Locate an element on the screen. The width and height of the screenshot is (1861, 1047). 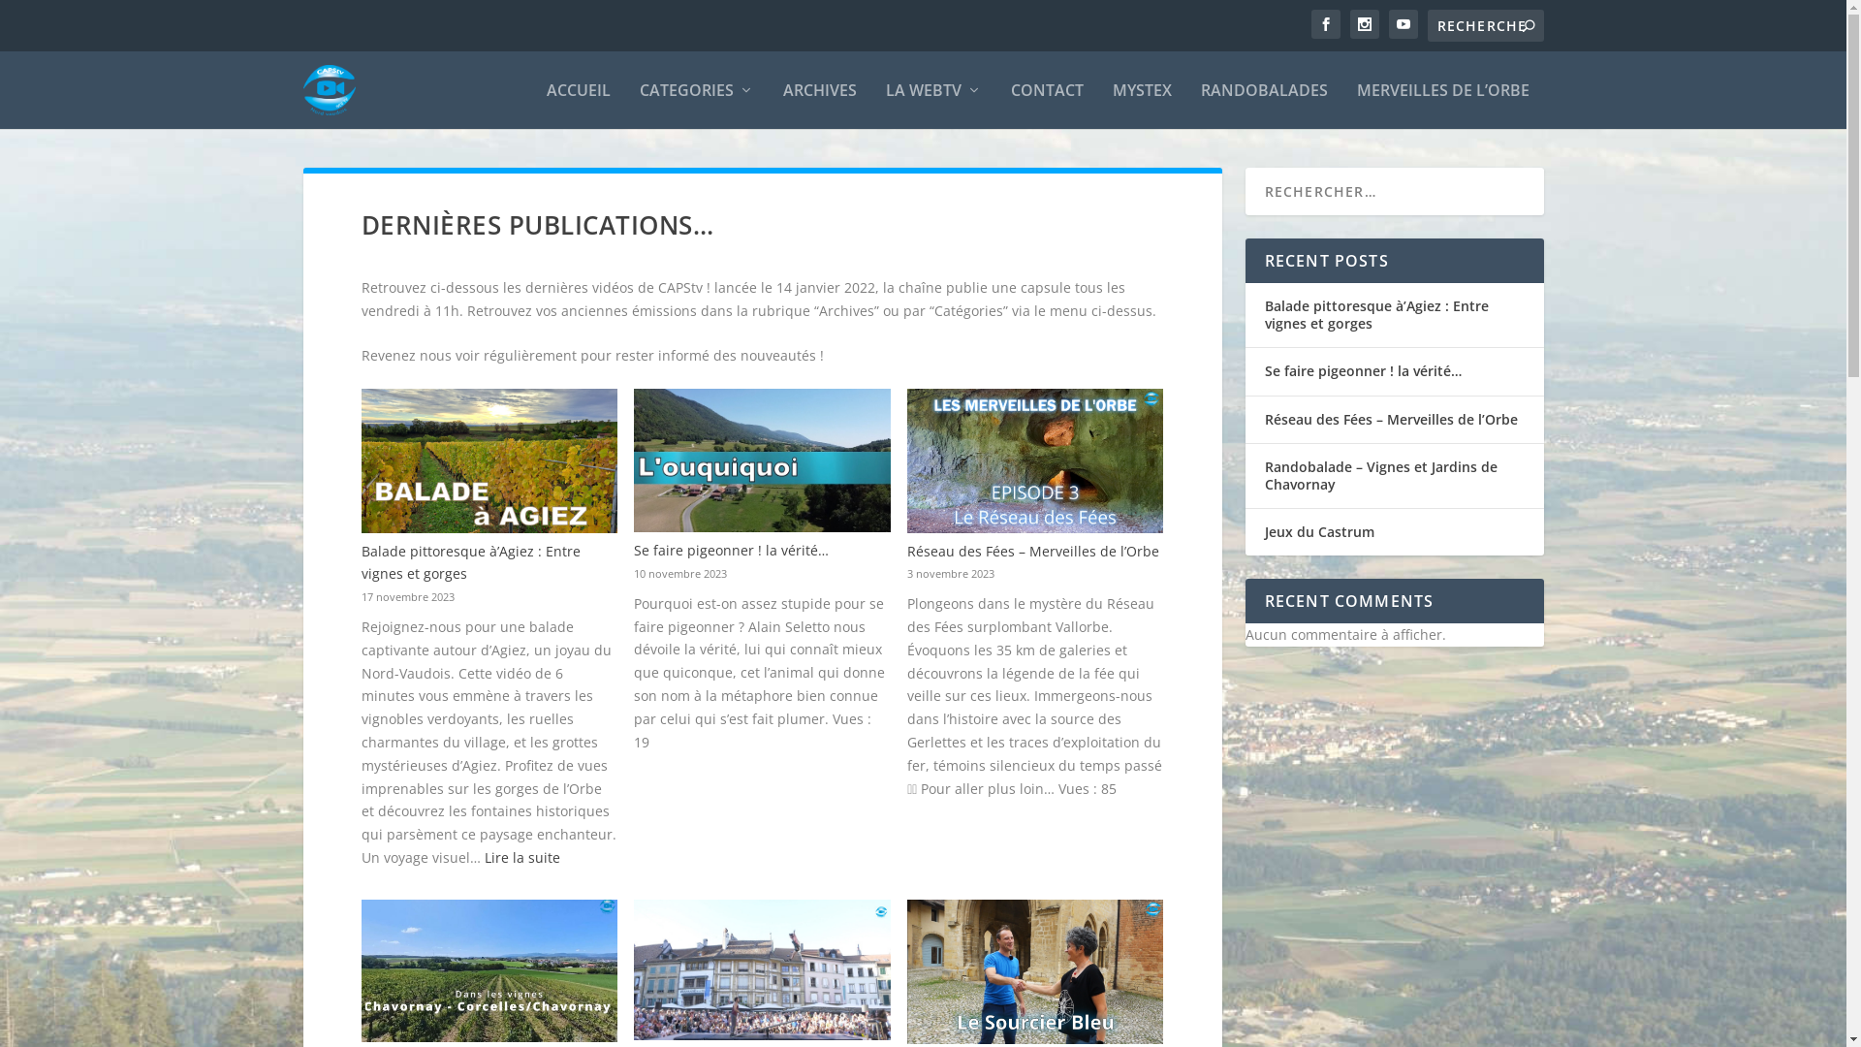
'MYSTEX' is located at coordinates (1142, 105).